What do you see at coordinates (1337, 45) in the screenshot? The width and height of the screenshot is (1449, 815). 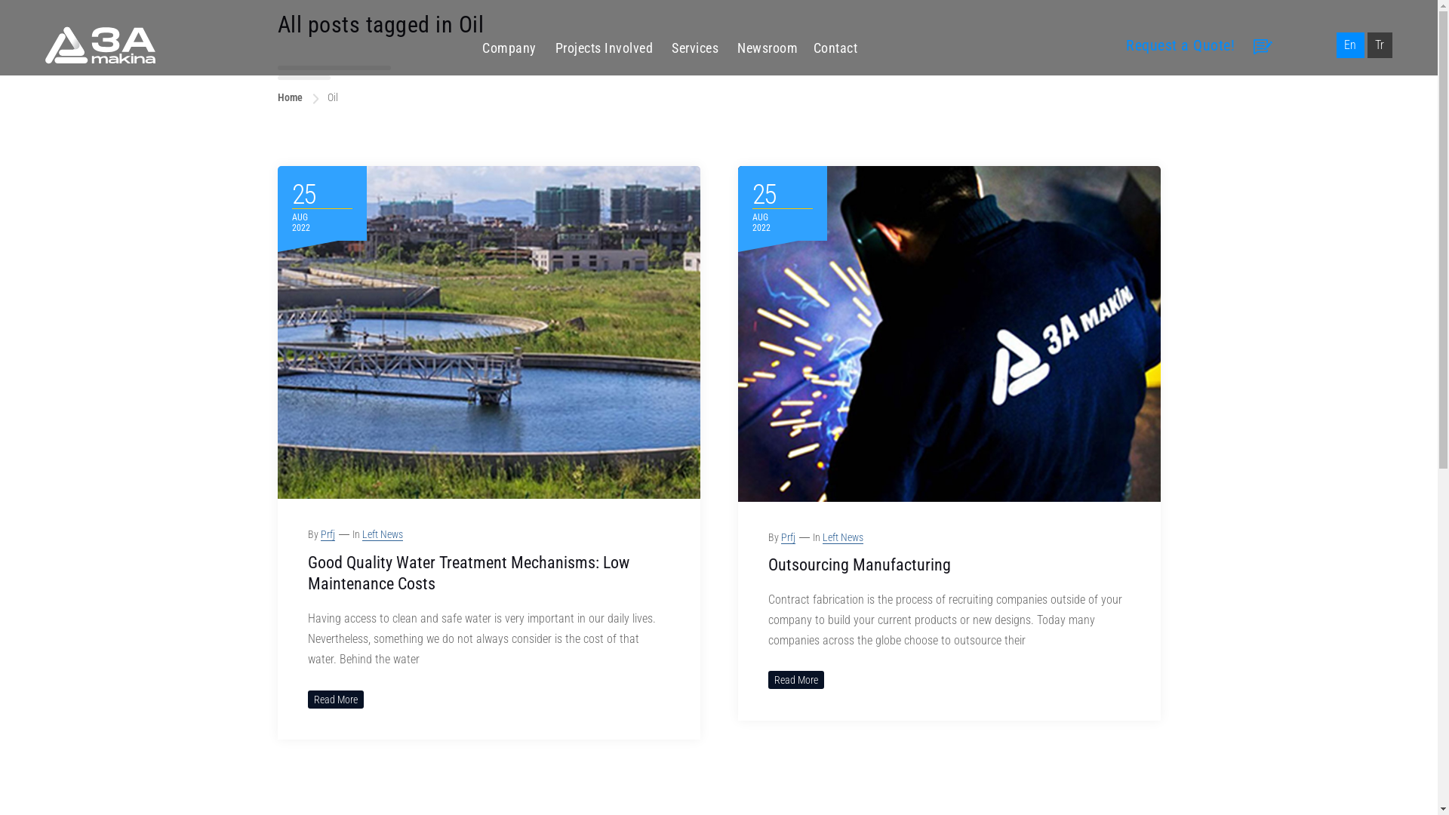 I see `'En'` at bounding box center [1337, 45].